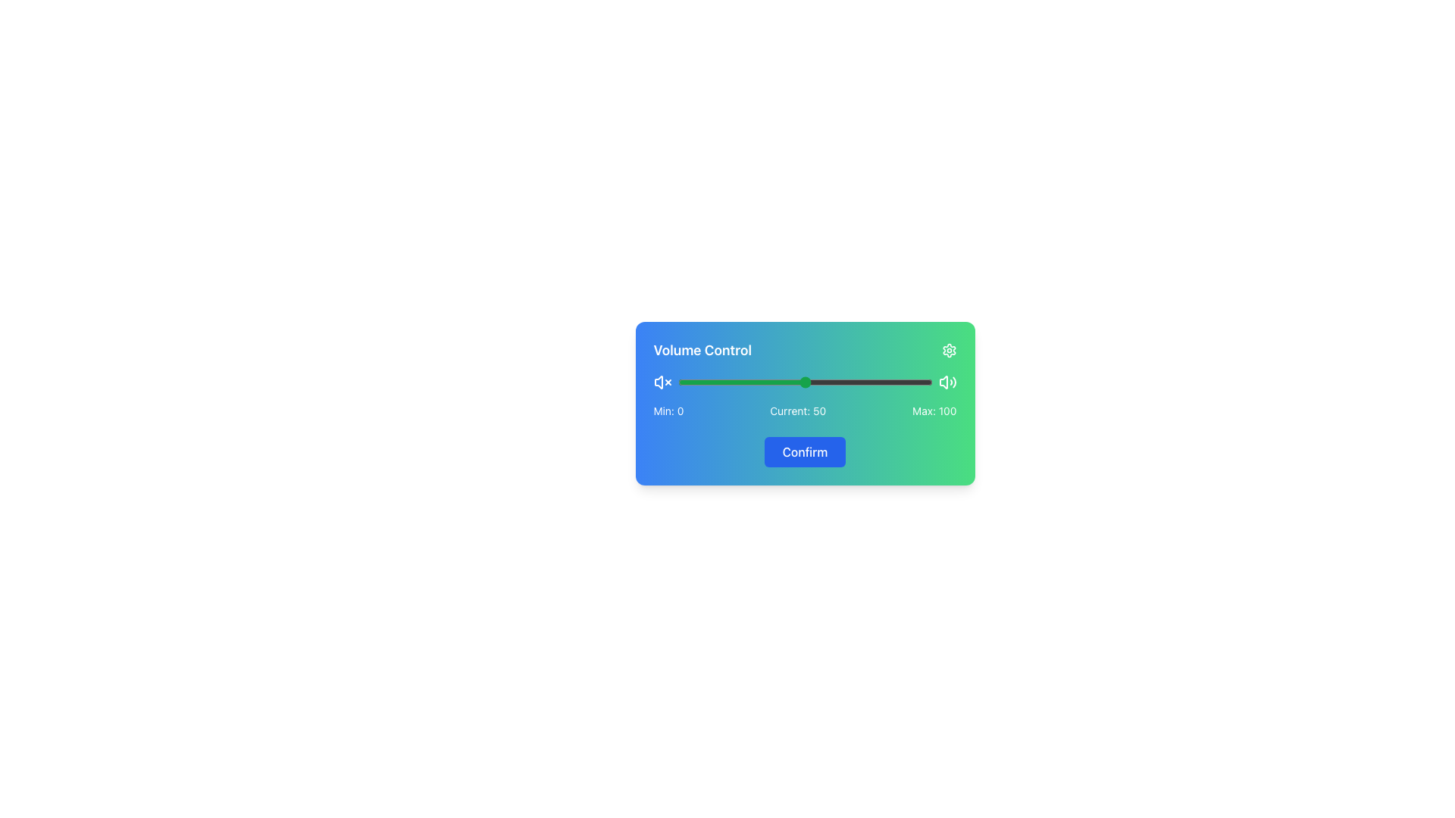  What do you see at coordinates (797, 411) in the screenshot?
I see `the text display showing 'Current: 50' which is located between 'Min: 0' and 'Max: 100'` at bounding box center [797, 411].